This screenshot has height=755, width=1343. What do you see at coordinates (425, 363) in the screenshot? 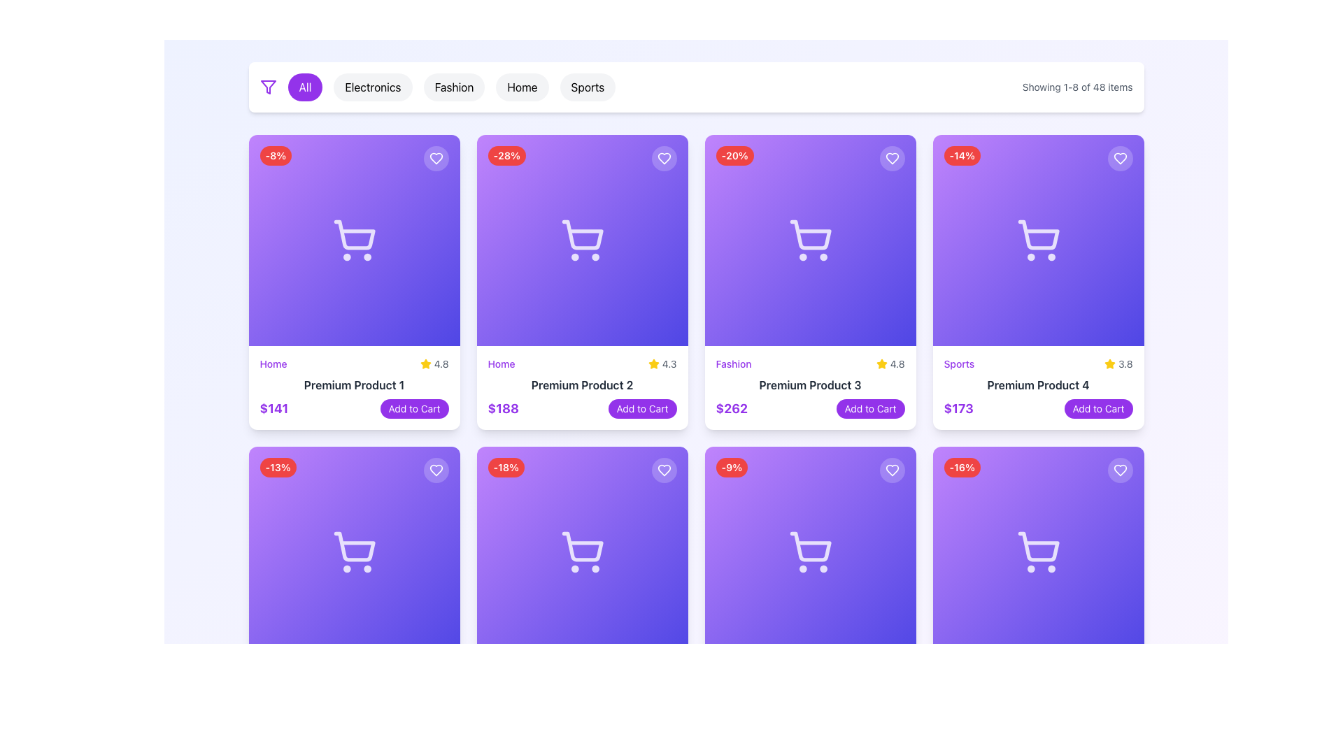
I see `the Star Icon located in the second card of the top row in the grid layout, which signifies a rating or favorite marker for the associated product` at bounding box center [425, 363].